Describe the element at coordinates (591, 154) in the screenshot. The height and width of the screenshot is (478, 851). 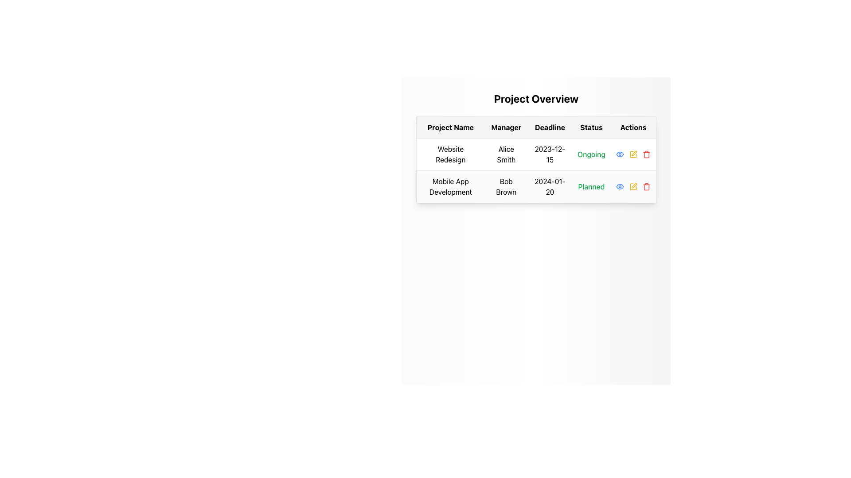
I see `the text label displaying 'Ongoing' in green color located in the 'Status' column of the project 'Website Redesign' row` at that location.